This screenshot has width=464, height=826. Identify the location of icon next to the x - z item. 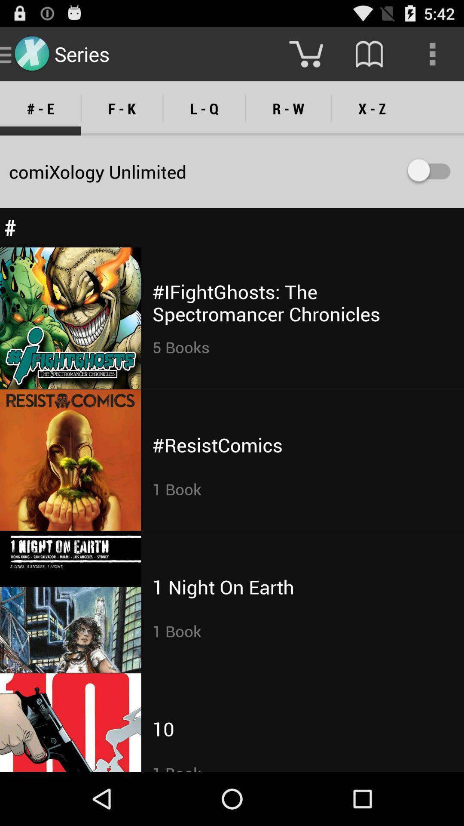
(288, 108).